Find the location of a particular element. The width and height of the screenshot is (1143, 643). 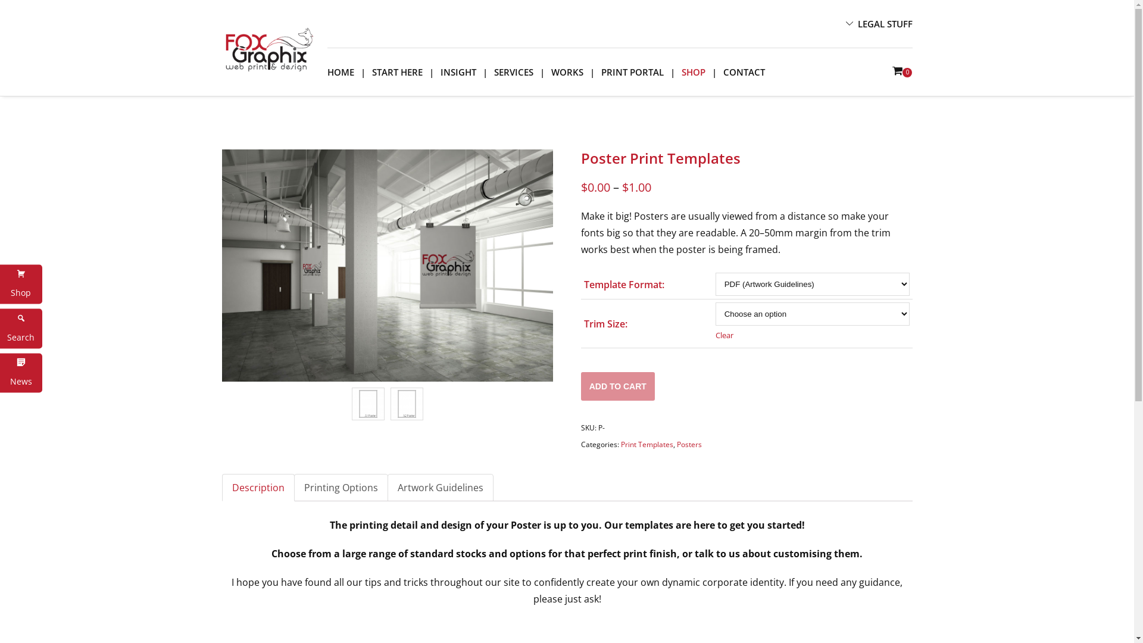

'Artwork Guidelines' is located at coordinates (439, 487).